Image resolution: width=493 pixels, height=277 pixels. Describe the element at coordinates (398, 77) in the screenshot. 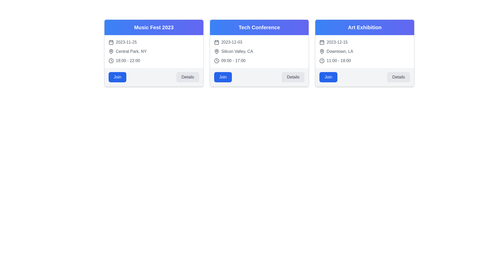

I see `the 'Details' button, which has rounded corners and a light gray background` at that location.